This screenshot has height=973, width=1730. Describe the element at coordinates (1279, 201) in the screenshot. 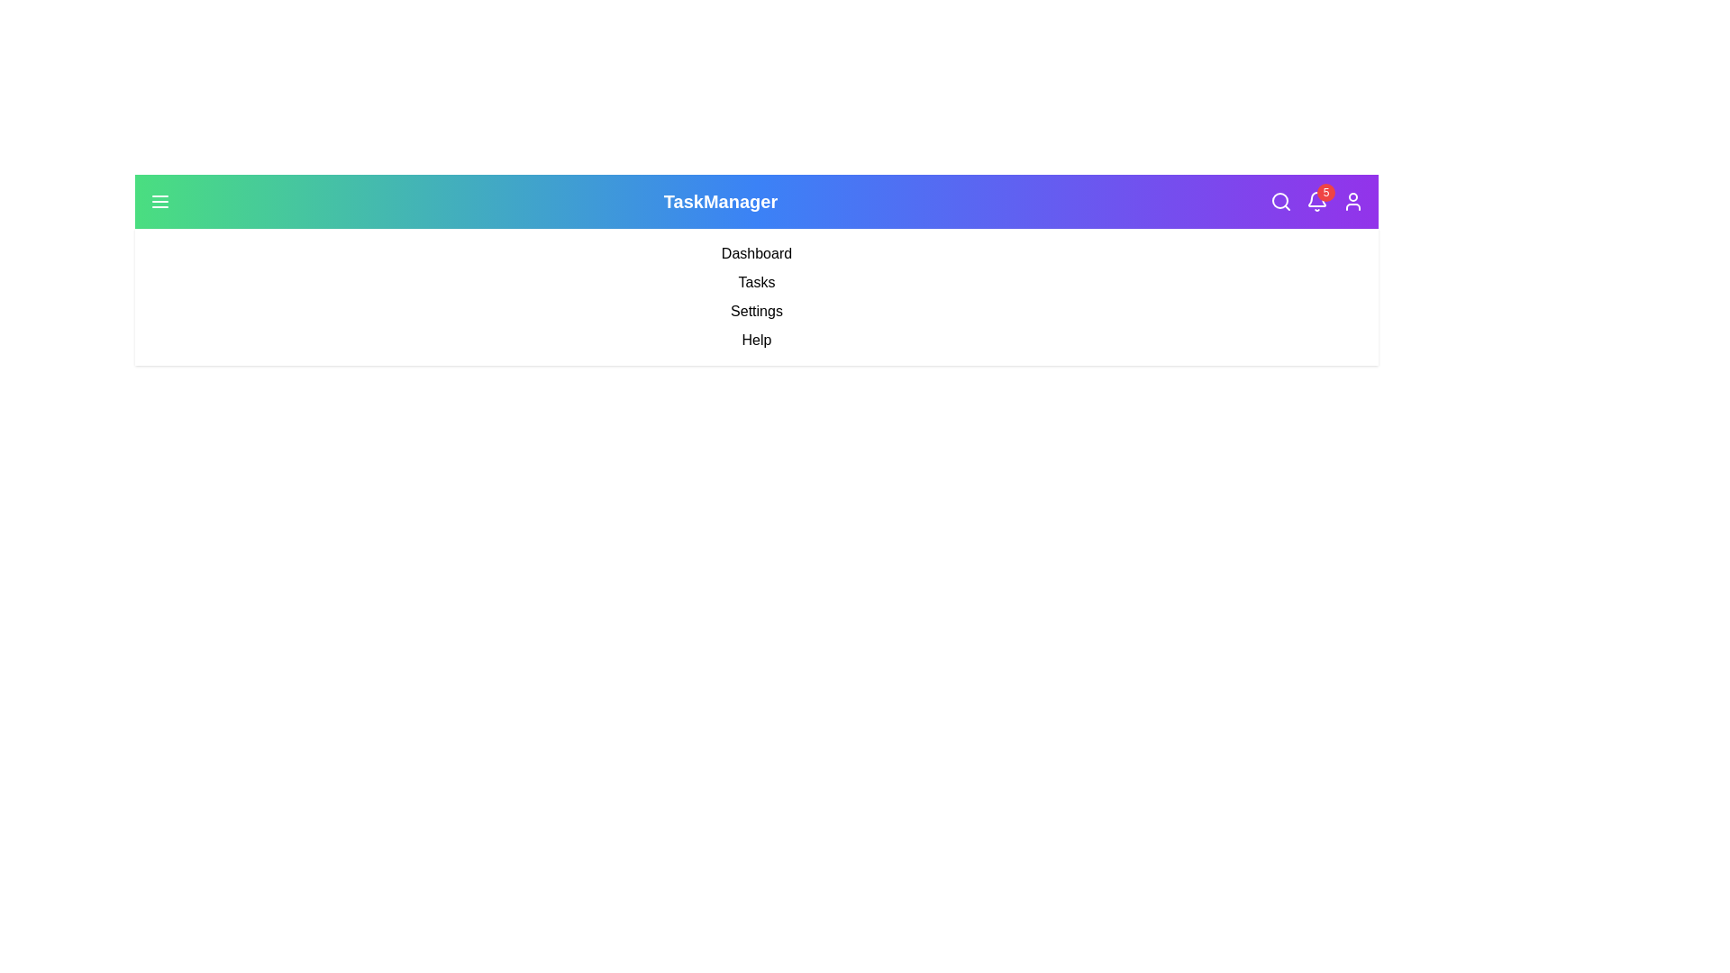

I see `the circular part of the magnifying glass icon located in the top-right corner of the interface` at that location.